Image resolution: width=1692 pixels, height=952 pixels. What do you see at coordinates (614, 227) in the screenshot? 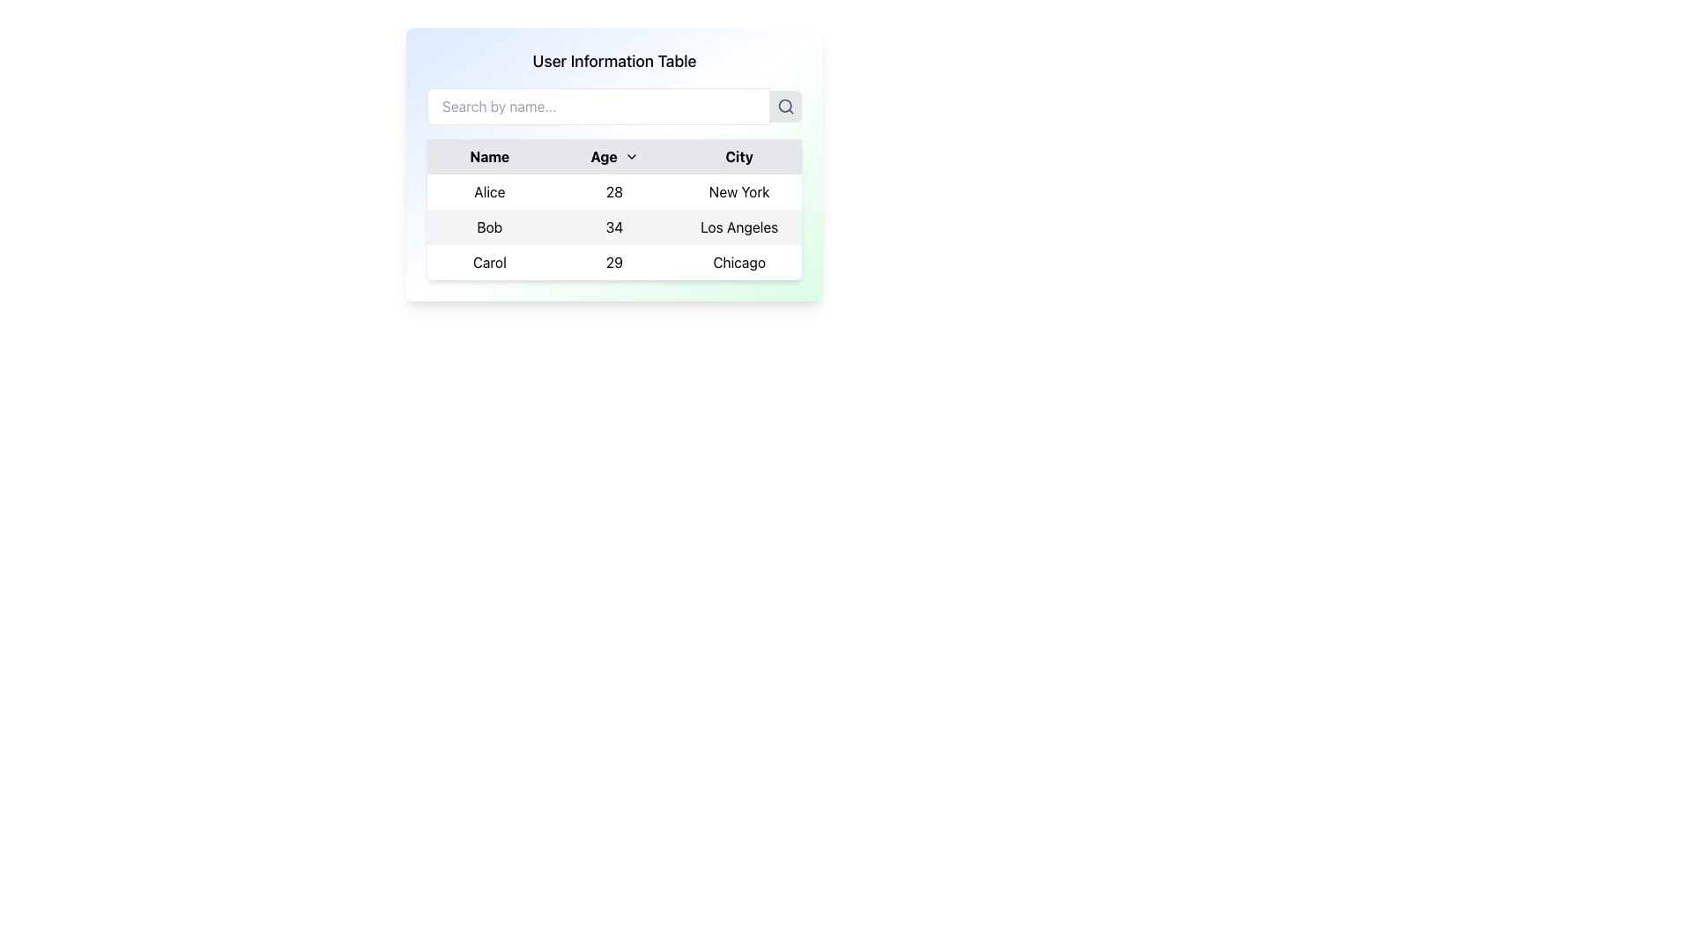
I see `the second row of the 'User Information Table' containing the data 'Bob 34 Los Angeles'` at bounding box center [614, 227].